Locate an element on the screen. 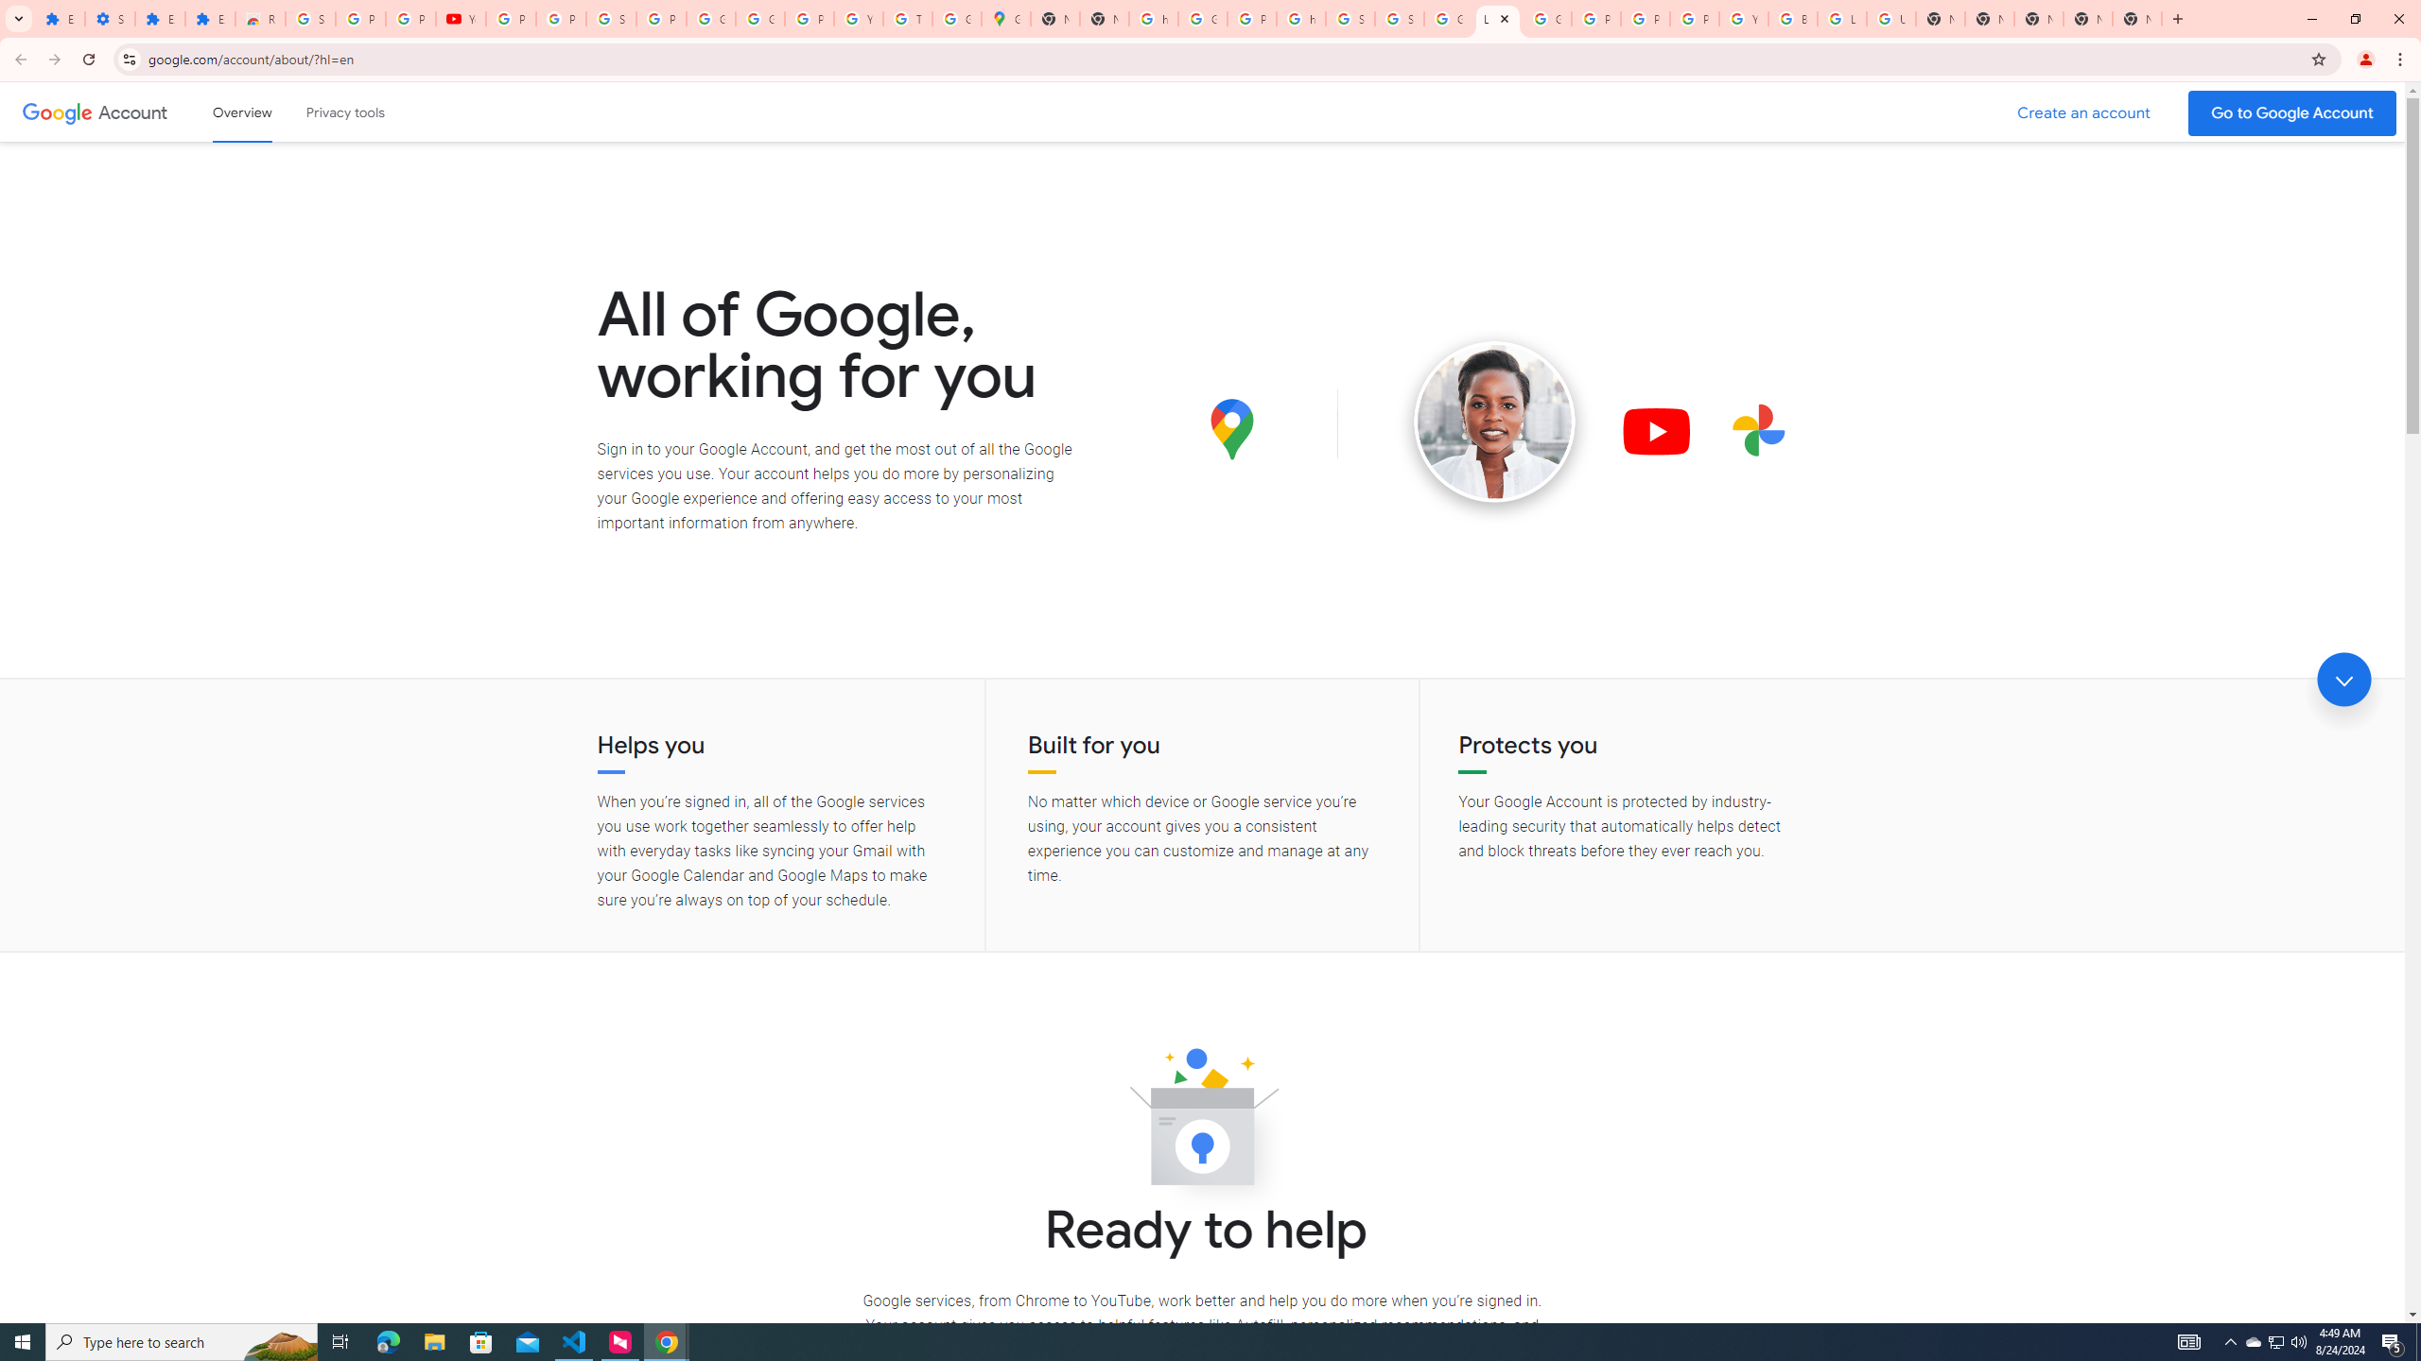 This screenshot has height=1361, width=2421. 'Settings' is located at coordinates (109, 18).